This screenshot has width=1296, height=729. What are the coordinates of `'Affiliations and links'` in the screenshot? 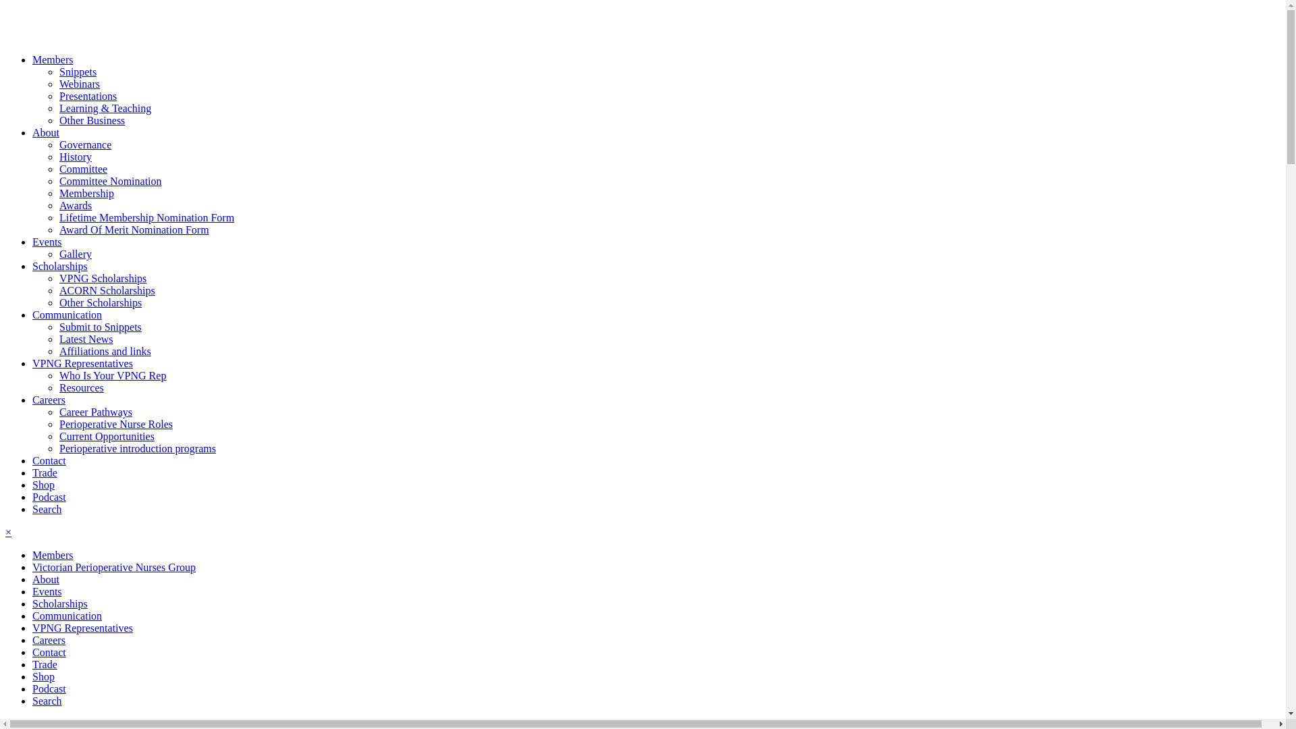 It's located at (105, 350).